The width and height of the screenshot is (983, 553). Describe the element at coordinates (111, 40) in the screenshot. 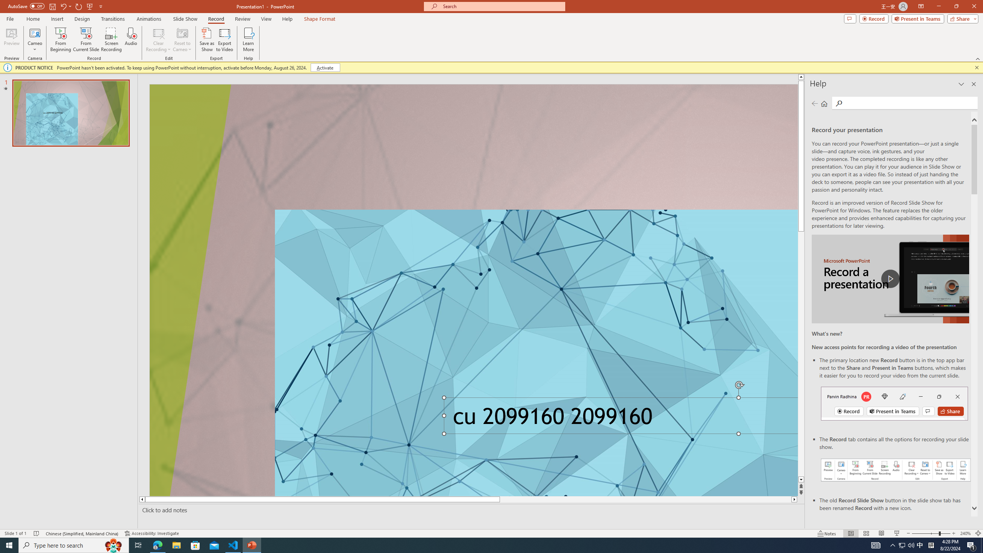

I see `'Screen Recording'` at that location.